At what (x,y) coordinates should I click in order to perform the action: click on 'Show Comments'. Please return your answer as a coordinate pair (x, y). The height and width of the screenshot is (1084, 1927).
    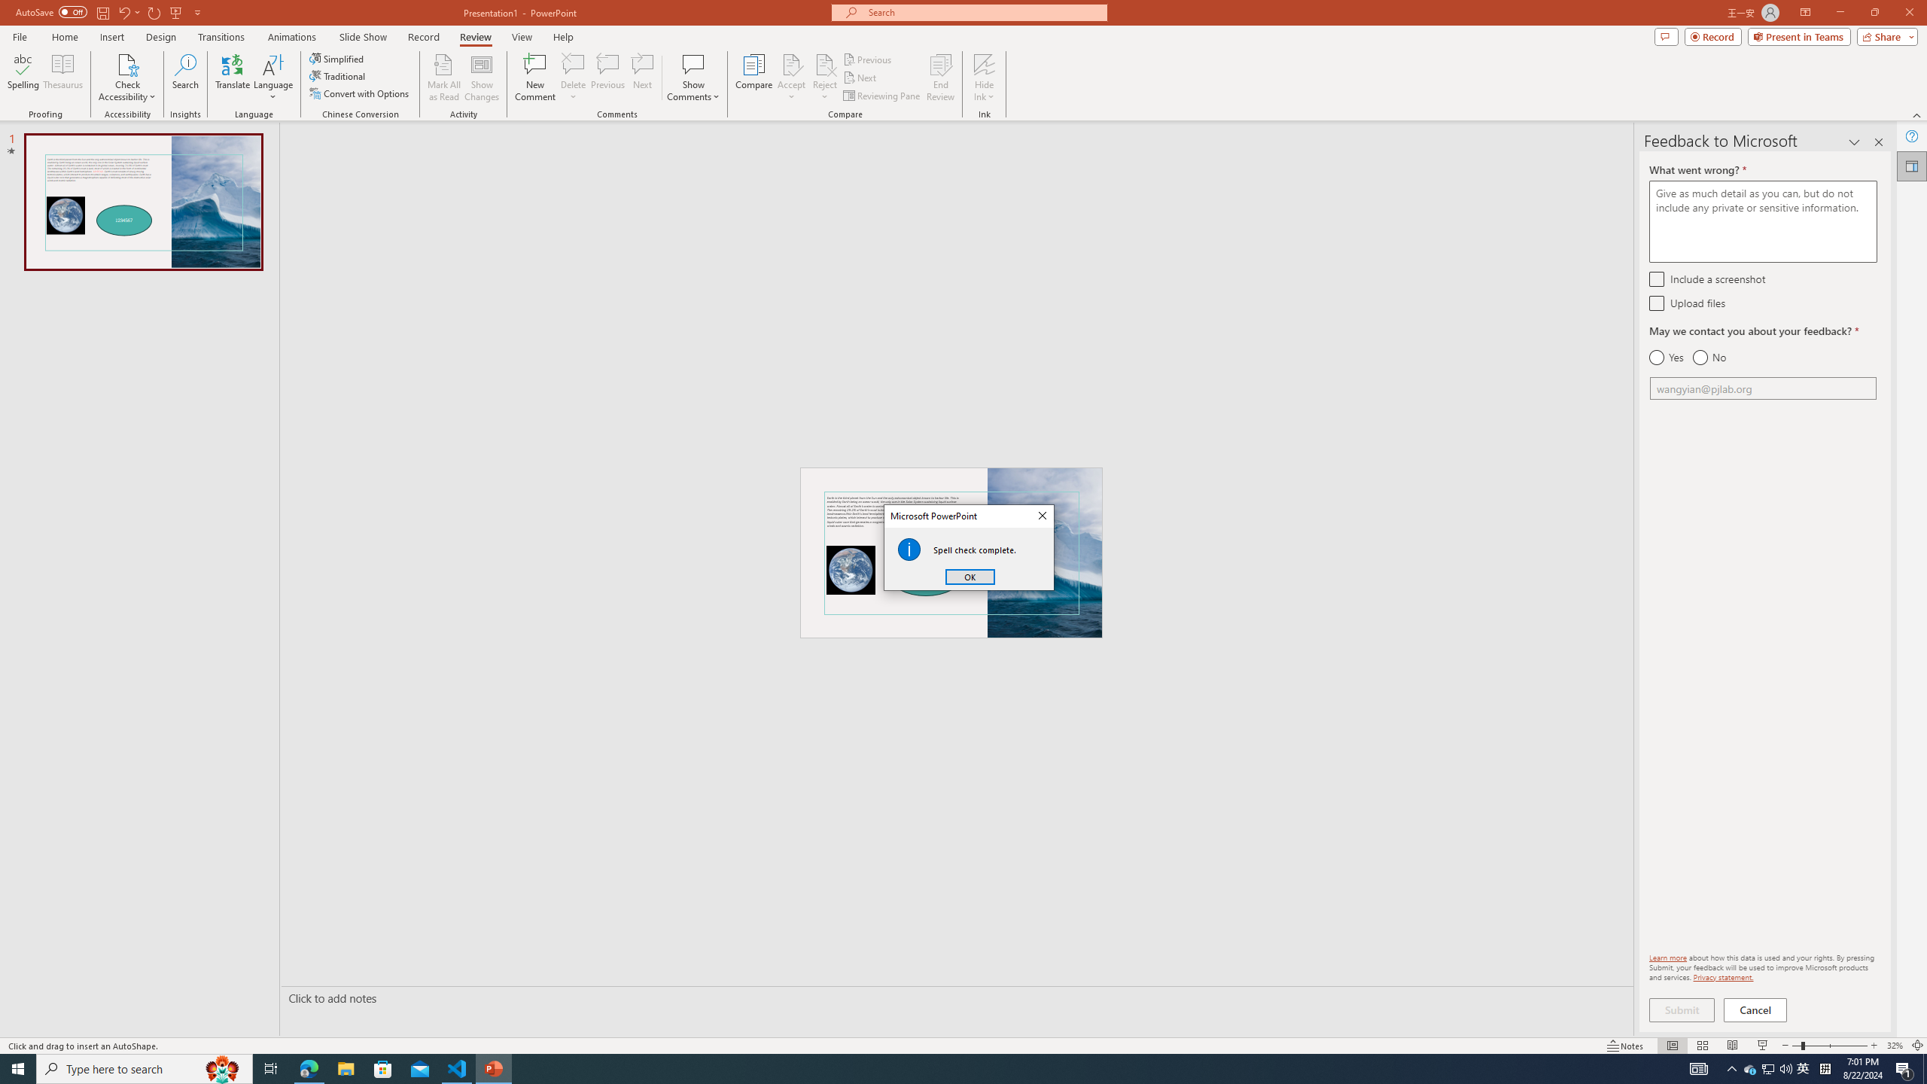
    Looking at the image, I should click on (693, 78).